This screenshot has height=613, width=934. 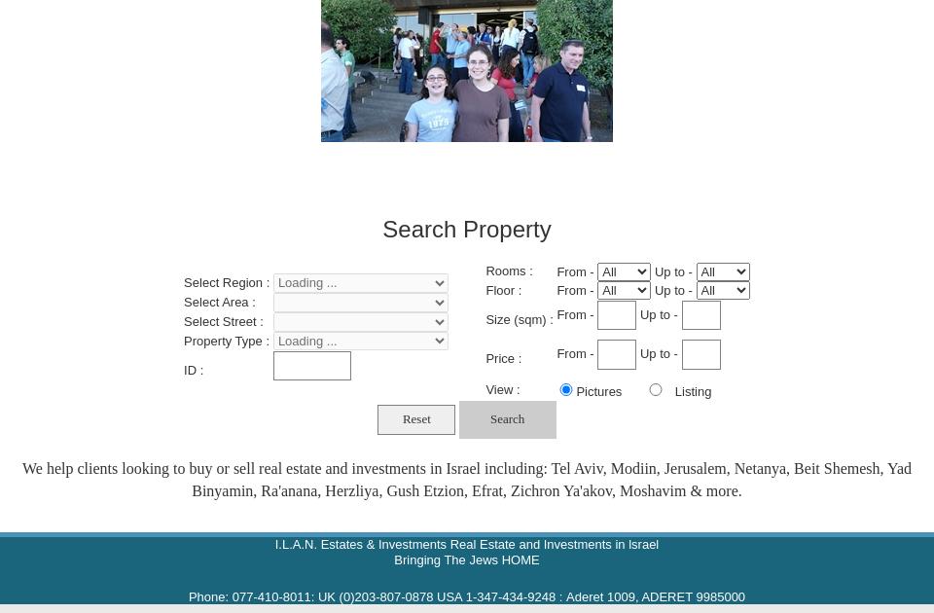 I want to click on '077-410-8011', so click(x=269, y=595).